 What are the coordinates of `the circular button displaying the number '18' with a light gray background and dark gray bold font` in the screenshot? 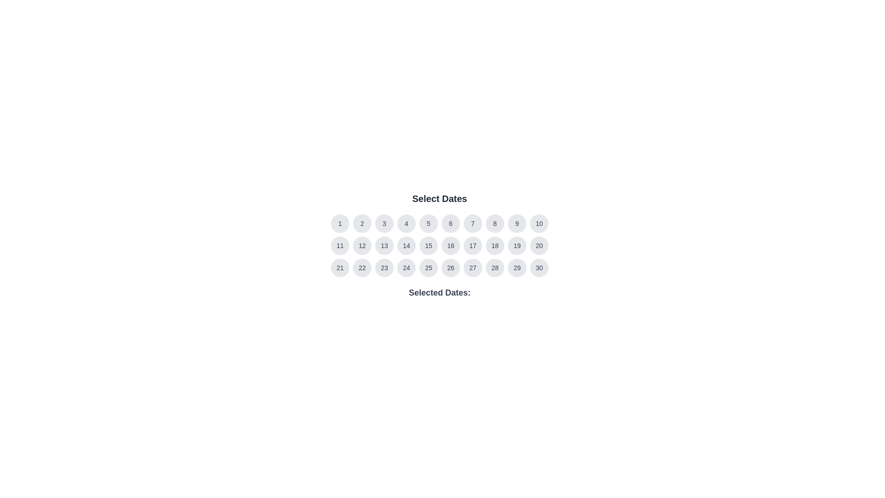 It's located at (495, 245).